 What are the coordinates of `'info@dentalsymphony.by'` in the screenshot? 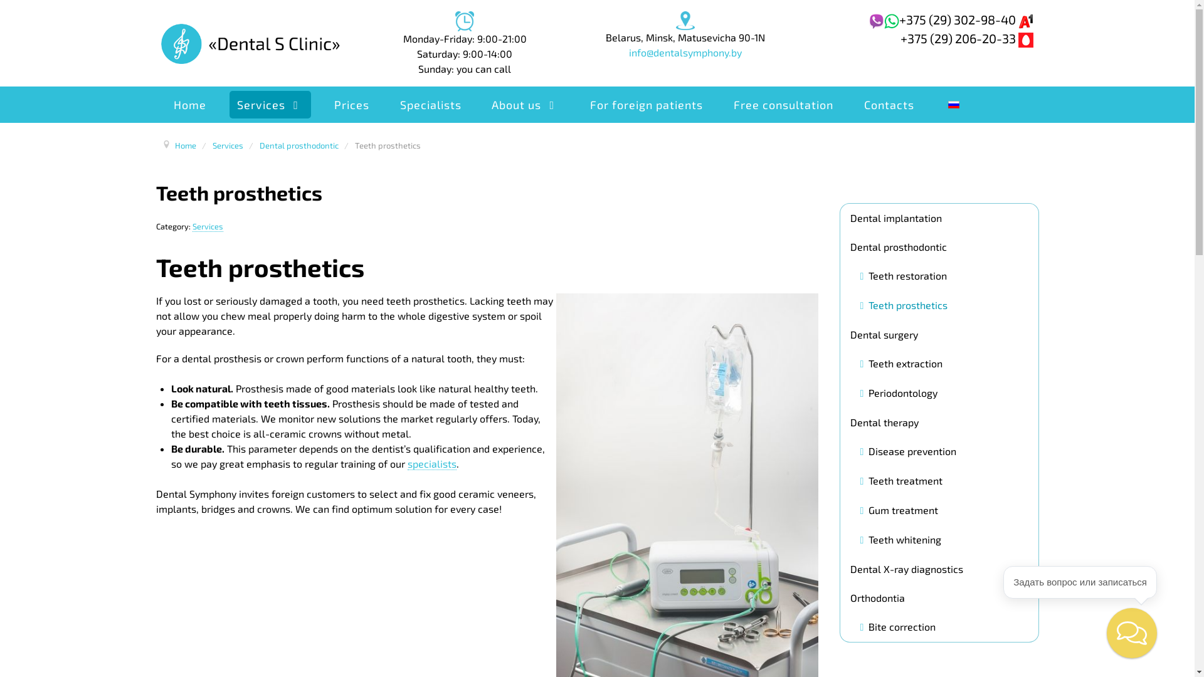 It's located at (685, 51).